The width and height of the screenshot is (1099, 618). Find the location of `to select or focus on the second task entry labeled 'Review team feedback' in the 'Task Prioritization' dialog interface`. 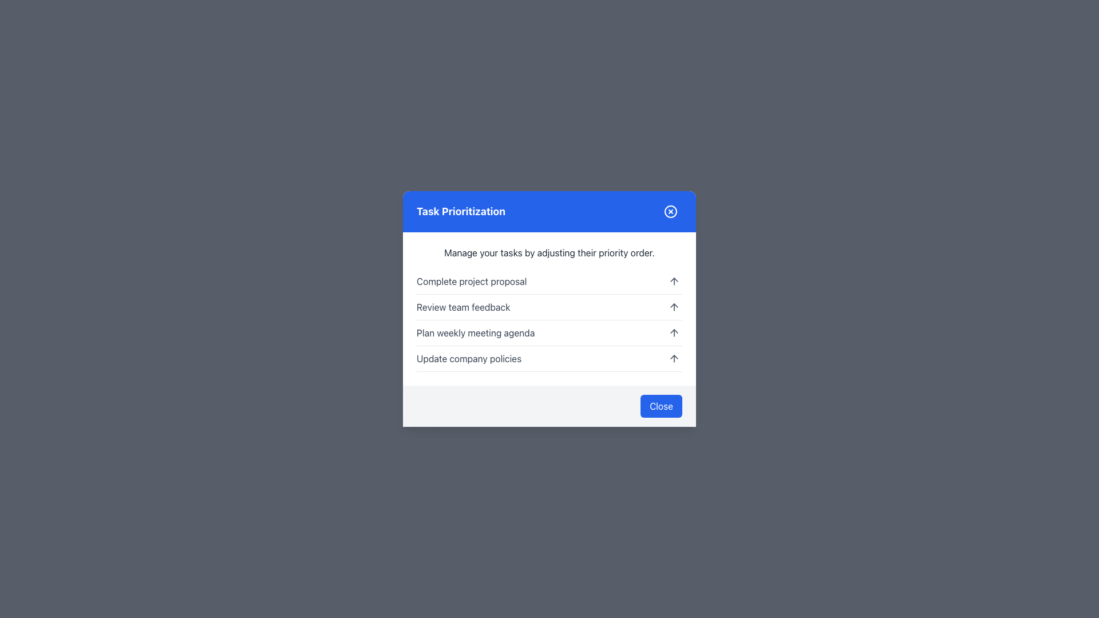

to select or focus on the second task entry labeled 'Review team feedback' in the 'Task Prioritization' dialog interface is located at coordinates (549, 309).